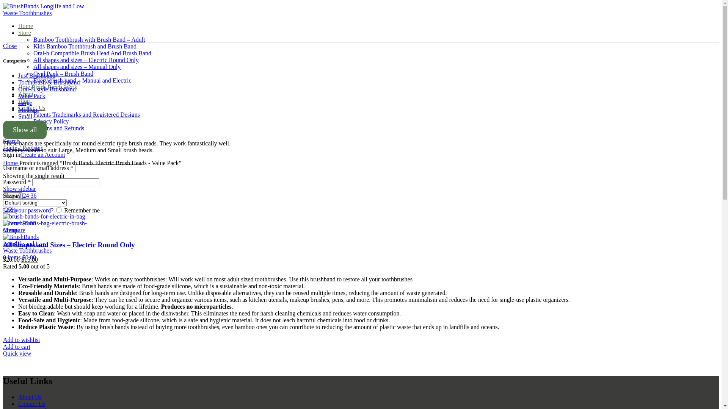 Image resolution: width=728 pixels, height=409 pixels. What do you see at coordinates (18, 397) in the screenshot?
I see `'About Us'` at bounding box center [18, 397].